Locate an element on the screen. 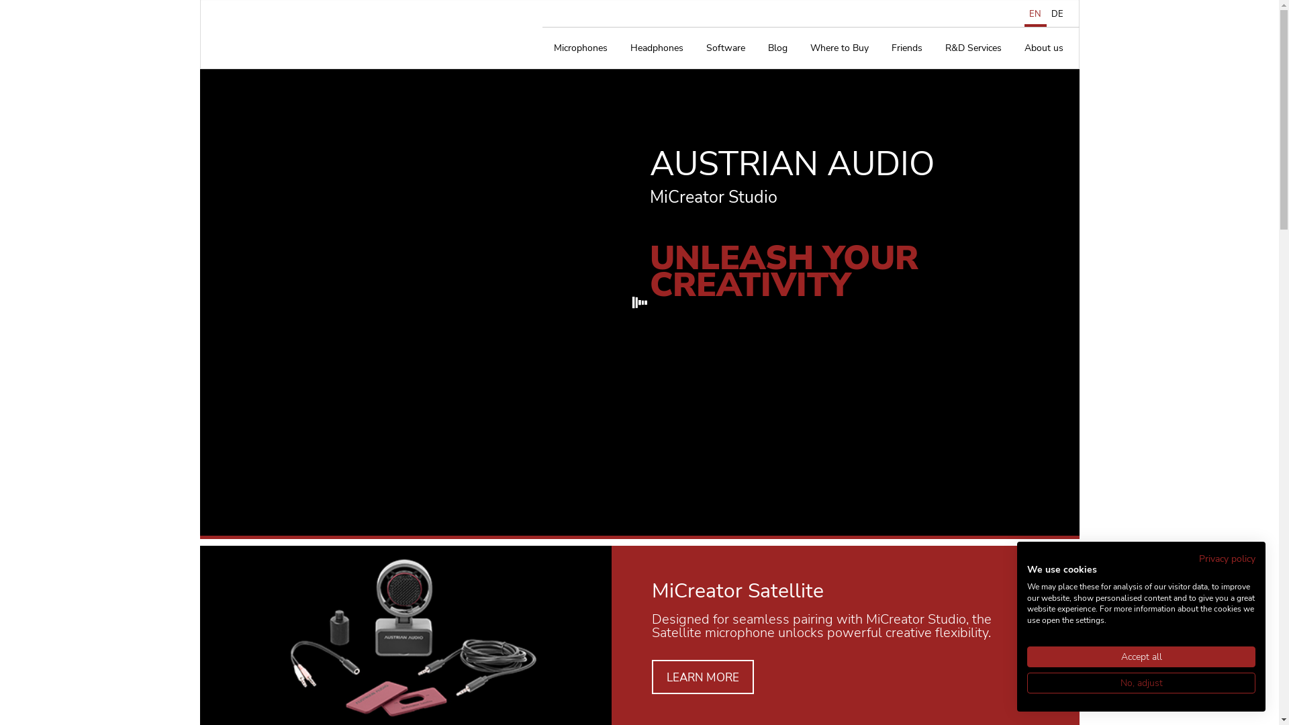  'Software' is located at coordinates (724, 48).